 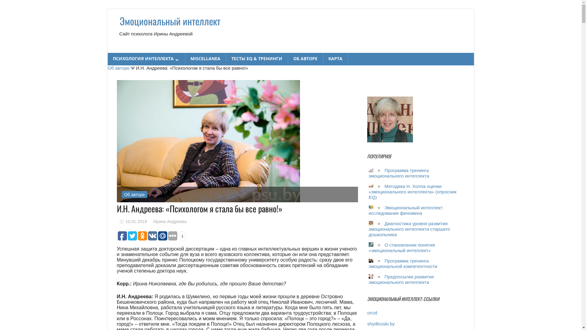 I want to click on 'orcid', so click(x=372, y=313).